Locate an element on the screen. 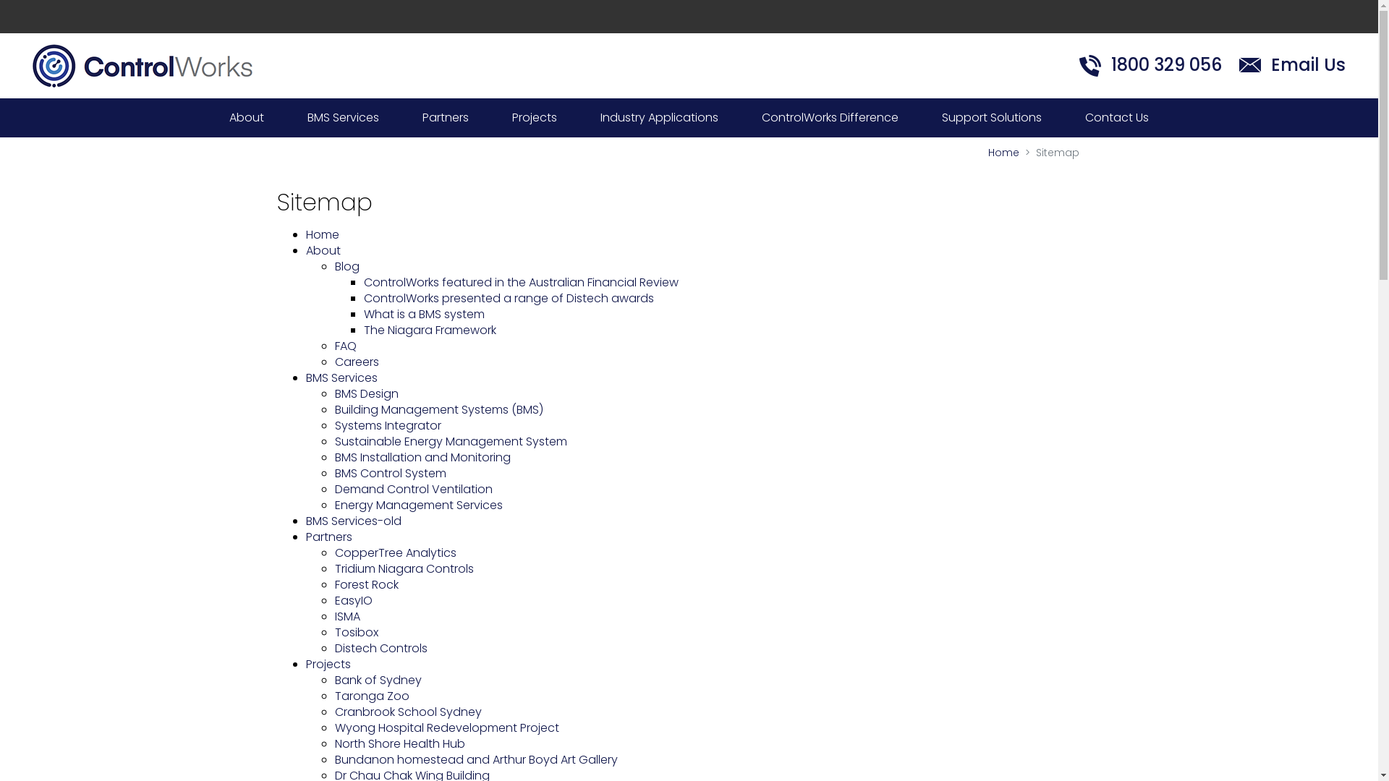 Image resolution: width=1389 pixels, height=781 pixels. 'FAQ' is located at coordinates (344, 346).